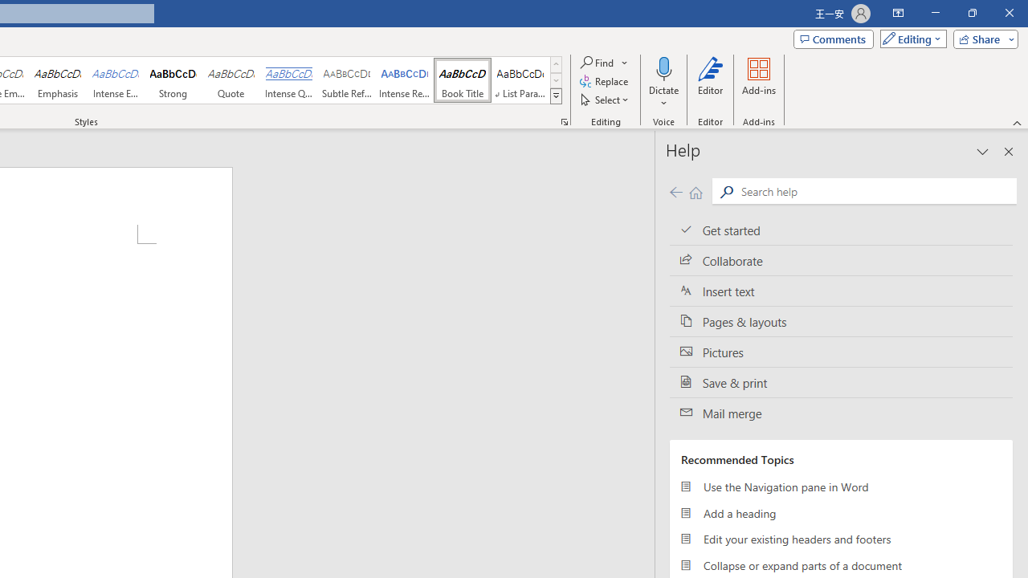  Describe the element at coordinates (557, 96) in the screenshot. I see `'Class: NetUIImage'` at that location.